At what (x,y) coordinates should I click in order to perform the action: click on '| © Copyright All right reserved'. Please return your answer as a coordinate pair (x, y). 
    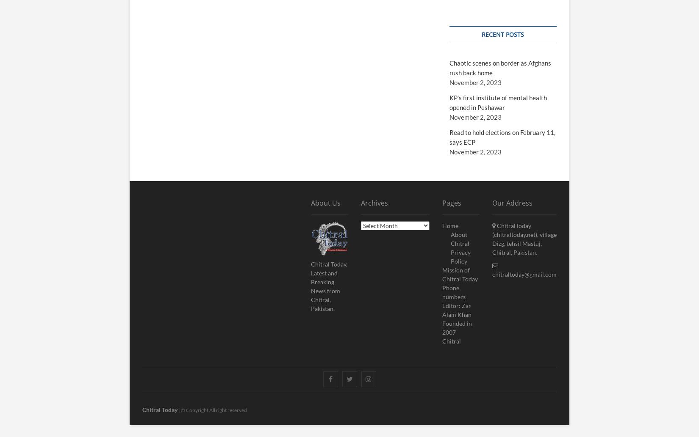
    Looking at the image, I should click on (212, 409).